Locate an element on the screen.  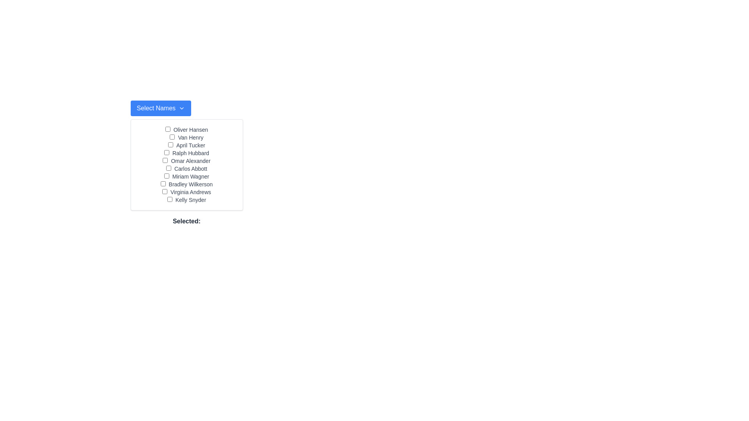
the checkbox for 'Bradley Wilkerson' is located at coordinates (162, 184).